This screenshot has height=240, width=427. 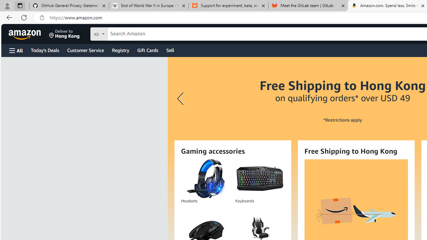 What do you see at coordinates (147, 50) in the screenshot?
I see `'Gift Cards'` at bounding box center [147, 50].